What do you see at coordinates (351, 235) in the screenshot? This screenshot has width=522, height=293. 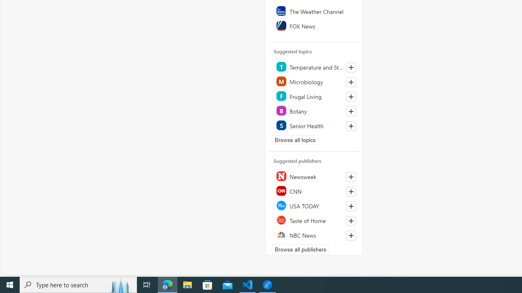 I see `'Follow this source'` at bounding box center [351, 235].